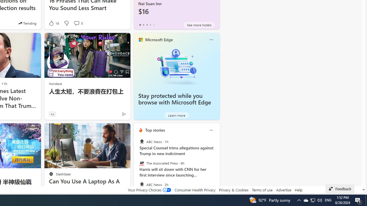 This screenshot has width=367, height=206. Describe the element at coordinates (147, 25) in the screenshot. I see `'tab-2'` at that location.